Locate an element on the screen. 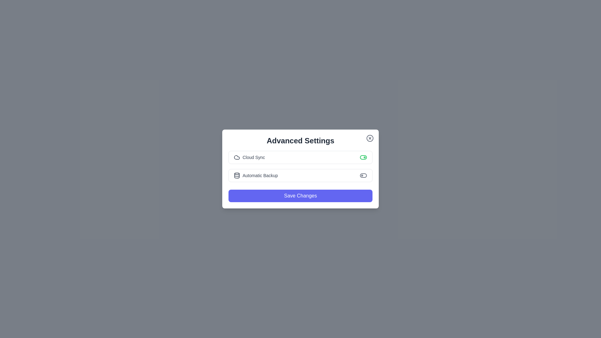 The height and width of the screenshot is (338, 601). the toggle switch for 'Cloud Sync', which is styled with rounded edges and has a green active state is located at coordinates (363, 157).